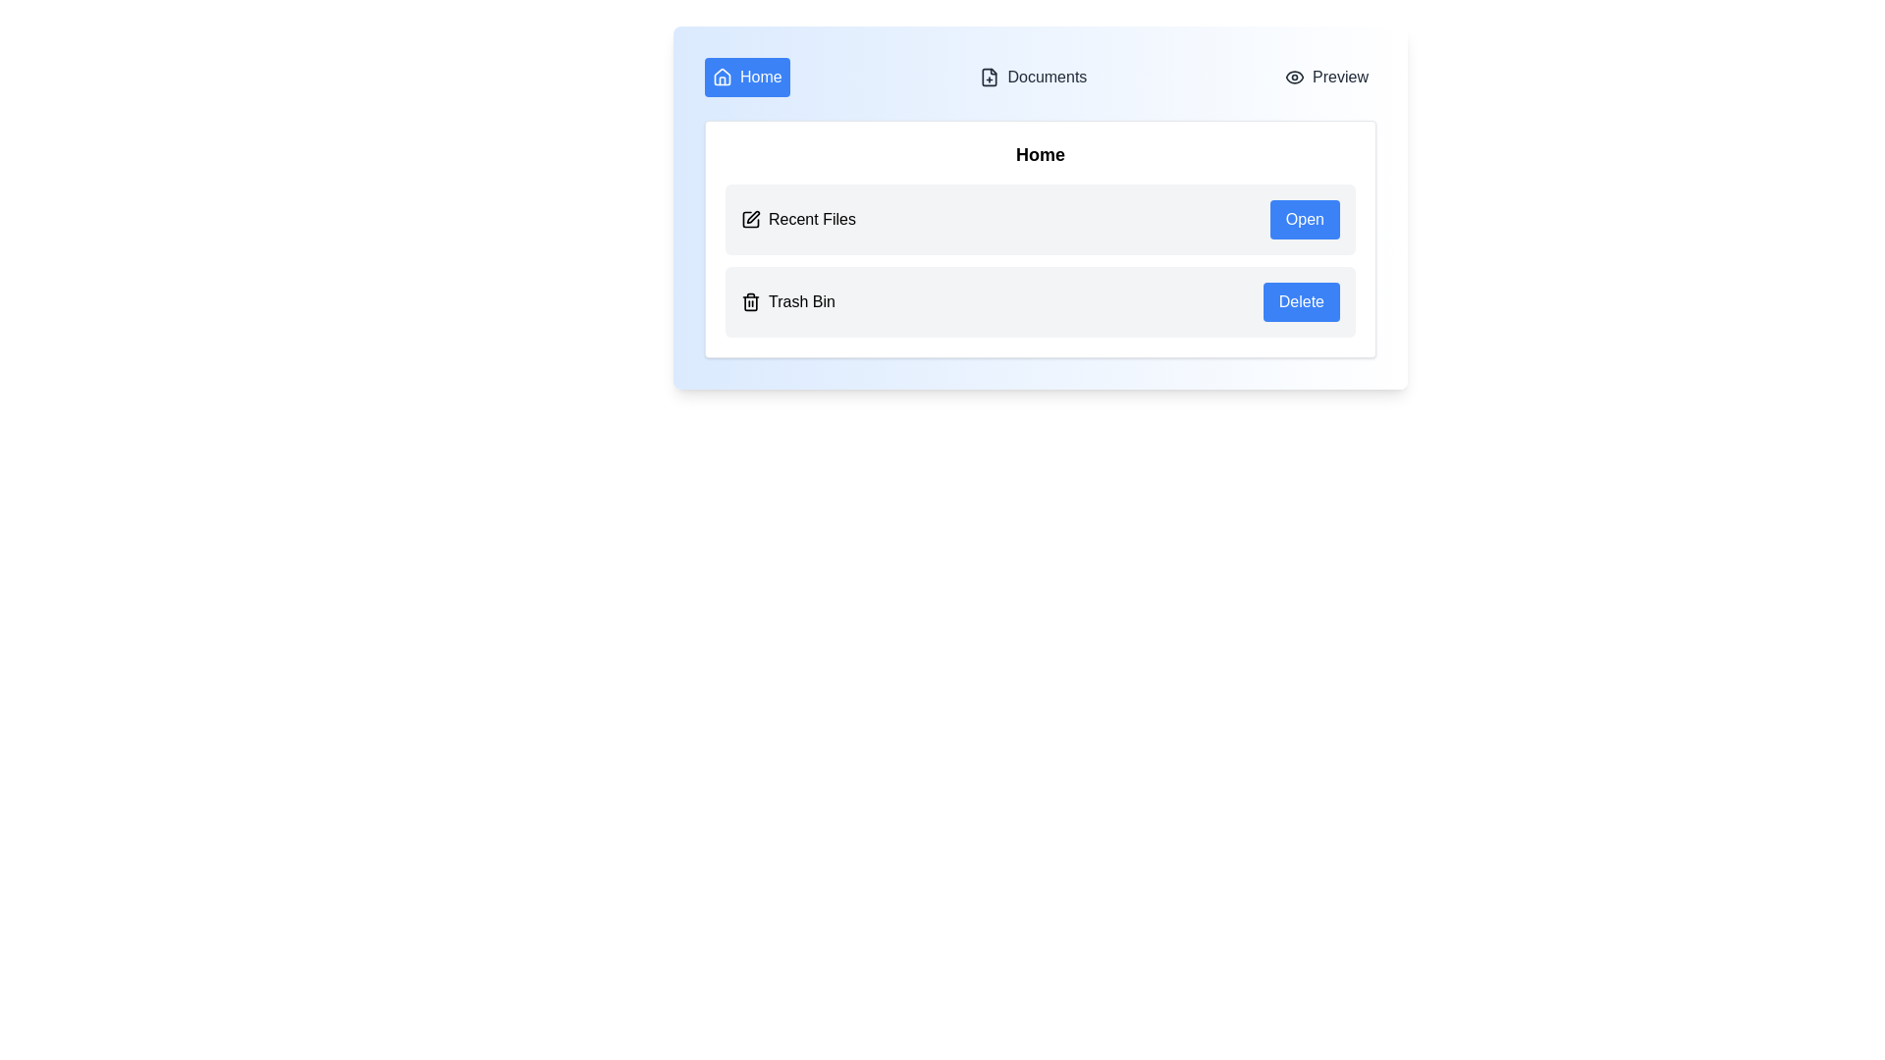  What do you see at coordinates (721, 75) in the screenshot?
I see `the Home icon located in the top-left corner of the navigation bar` at bounding box center [721, 75].